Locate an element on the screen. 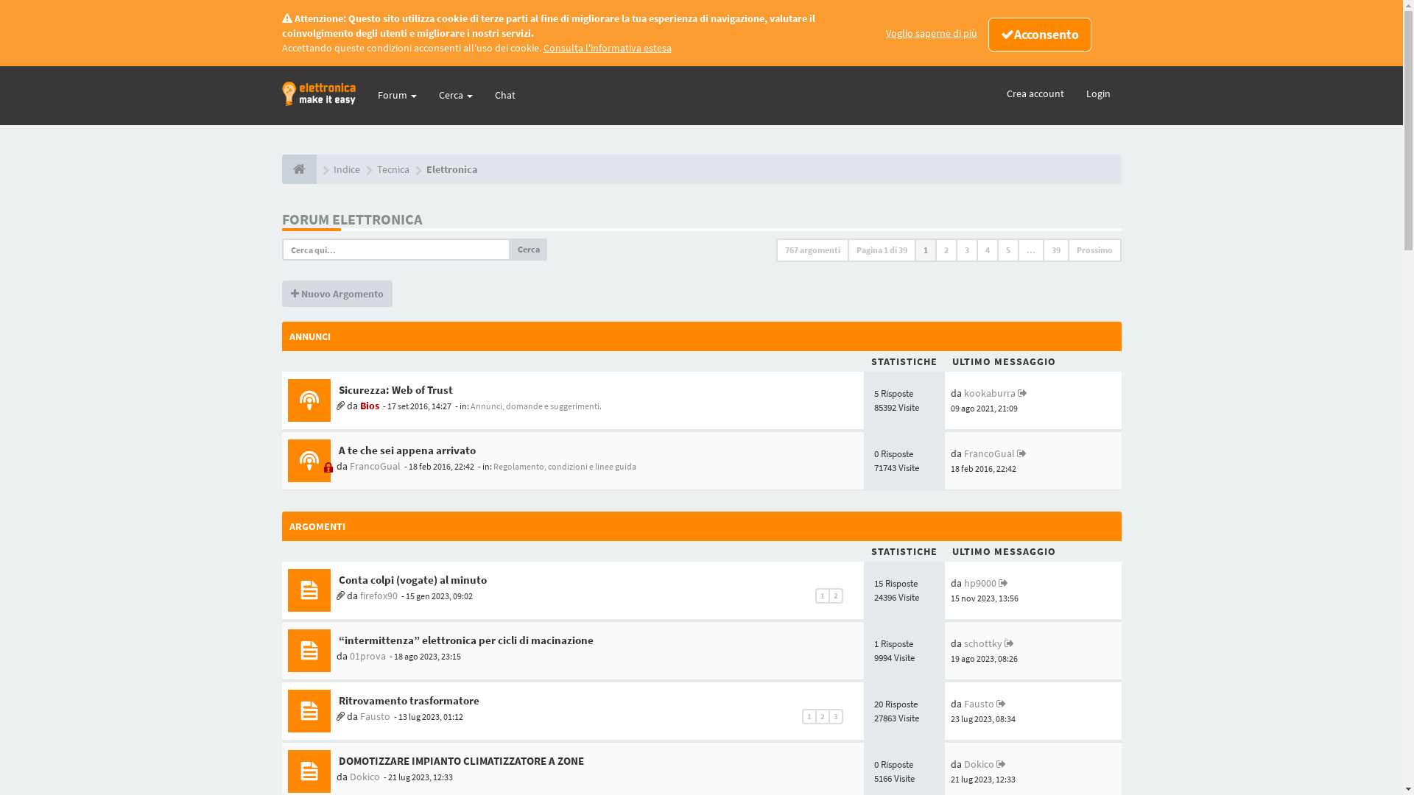 The image size is (1414, 795). 'Crea account' is located at coordinates (1035, 93).